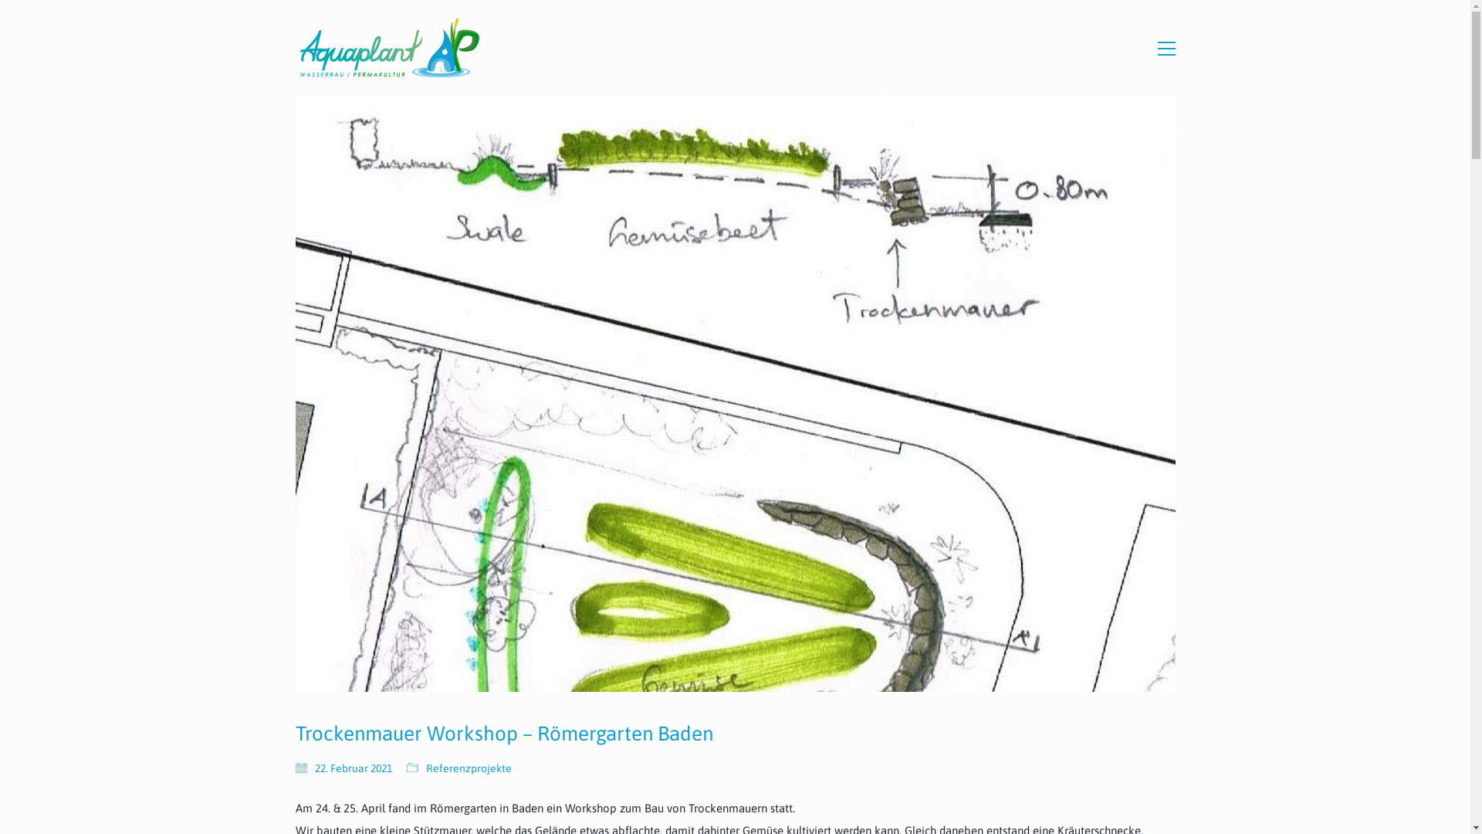  Describe the element at coordinates (468, 768) in the screenshot. I see `'Referenzprojekte'` at that location.